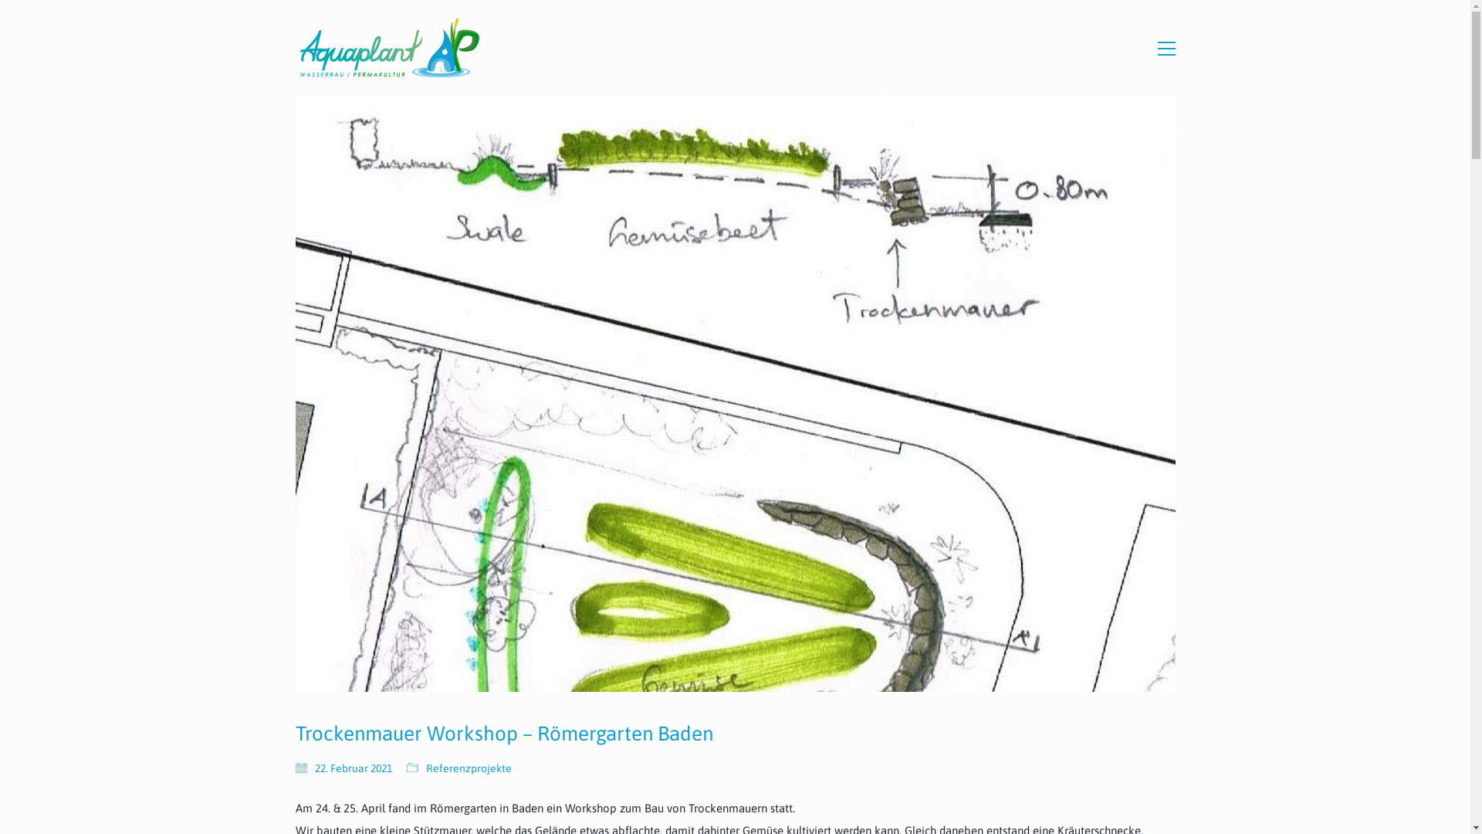  Describe the element at coordinates (468, 768) in the screenshot. I see `'Referenzprojekte'` at that location.